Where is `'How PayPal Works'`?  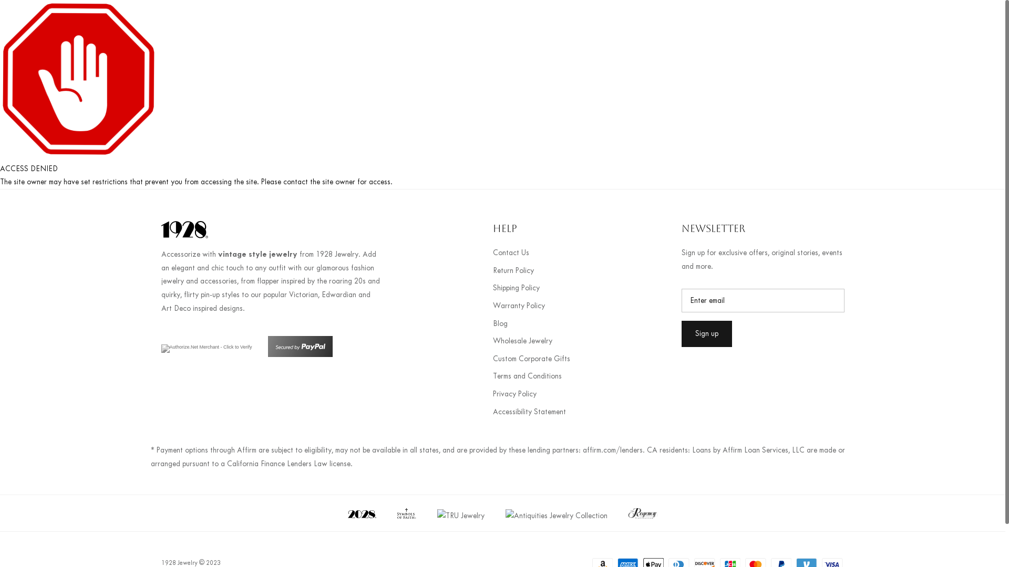 'How PayPal Works' is located at coordinates (300, 354).